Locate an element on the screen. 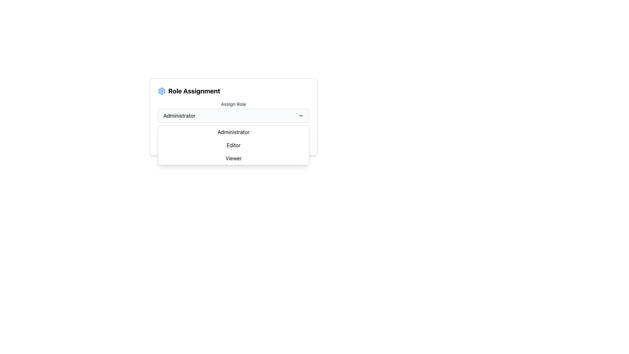 This screenshot has height=354, width=629. the Dropdown menu in the 'Role Assignment' section is located at coordinates (234, 111).